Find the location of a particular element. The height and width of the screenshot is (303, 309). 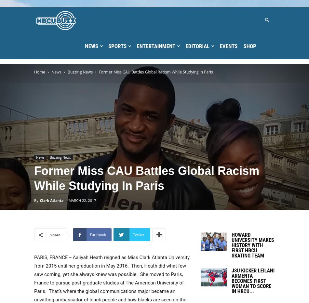

'Twitter' is located at coordinates (138, 234).